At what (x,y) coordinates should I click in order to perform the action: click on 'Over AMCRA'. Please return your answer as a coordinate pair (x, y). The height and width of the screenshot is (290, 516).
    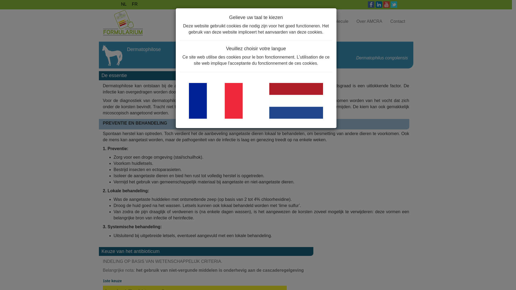
    Looking at the image, I should click on (369, 21).